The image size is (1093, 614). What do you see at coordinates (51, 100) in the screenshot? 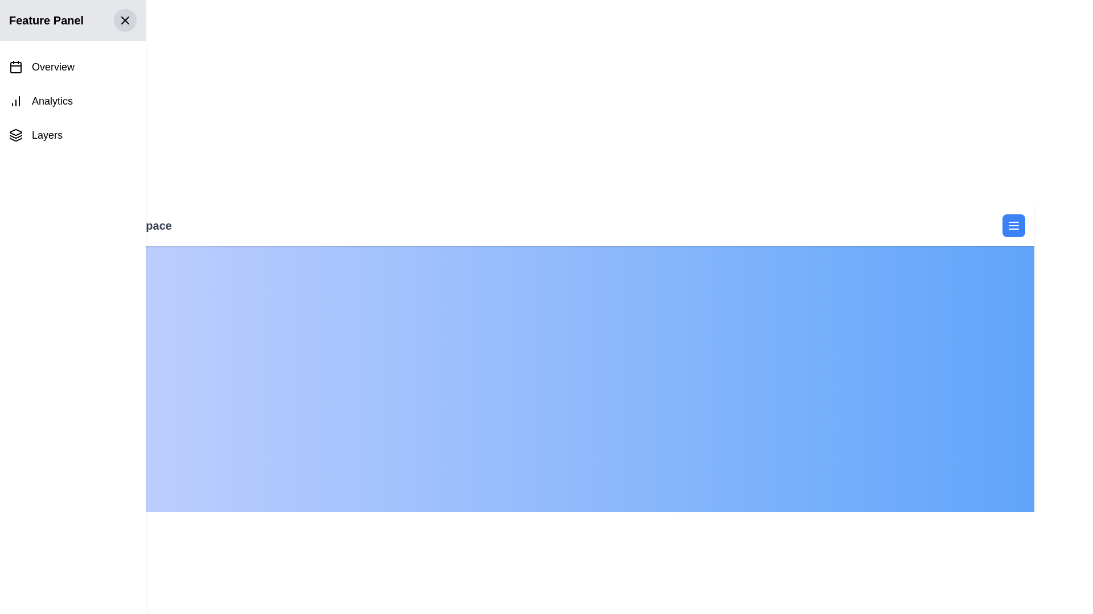
I see `text content of the 'Analytics' text label located in the sidebar menu, positioned below 'Overview' and above 'Layers'` at bounding box center [51, 100].